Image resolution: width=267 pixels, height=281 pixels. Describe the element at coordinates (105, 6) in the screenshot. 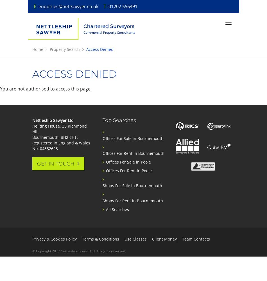

I see `'T:'` at that location.